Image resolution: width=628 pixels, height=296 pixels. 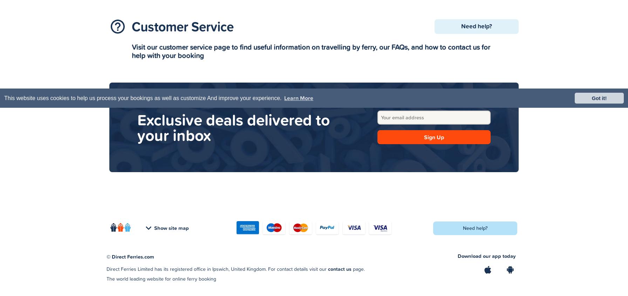 What do you see at coordinates (284, 98) in the screenshot?
I see `'Learn More'` at bounding box center [284, 98].